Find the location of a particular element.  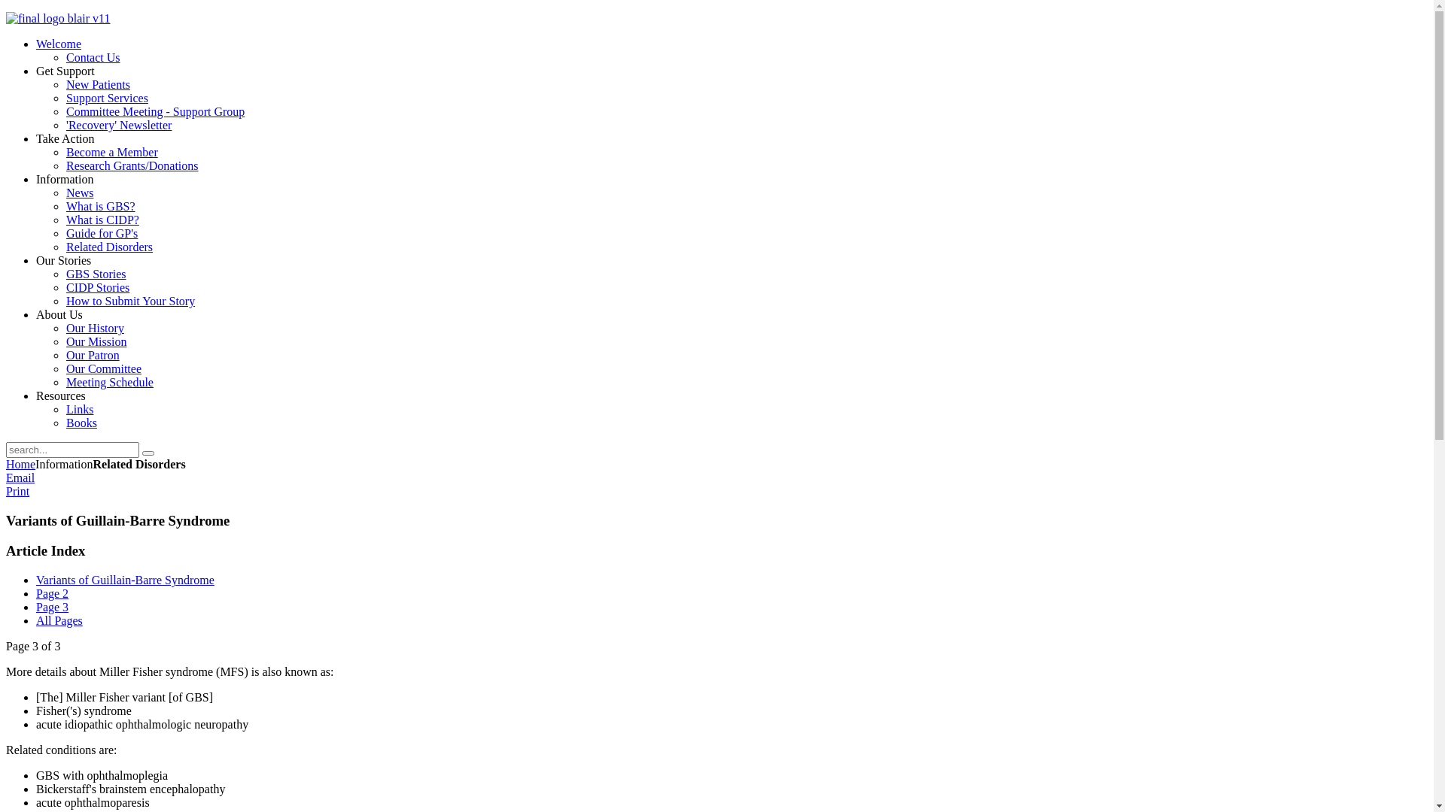

'Books' is located at coordinates (81, 423).